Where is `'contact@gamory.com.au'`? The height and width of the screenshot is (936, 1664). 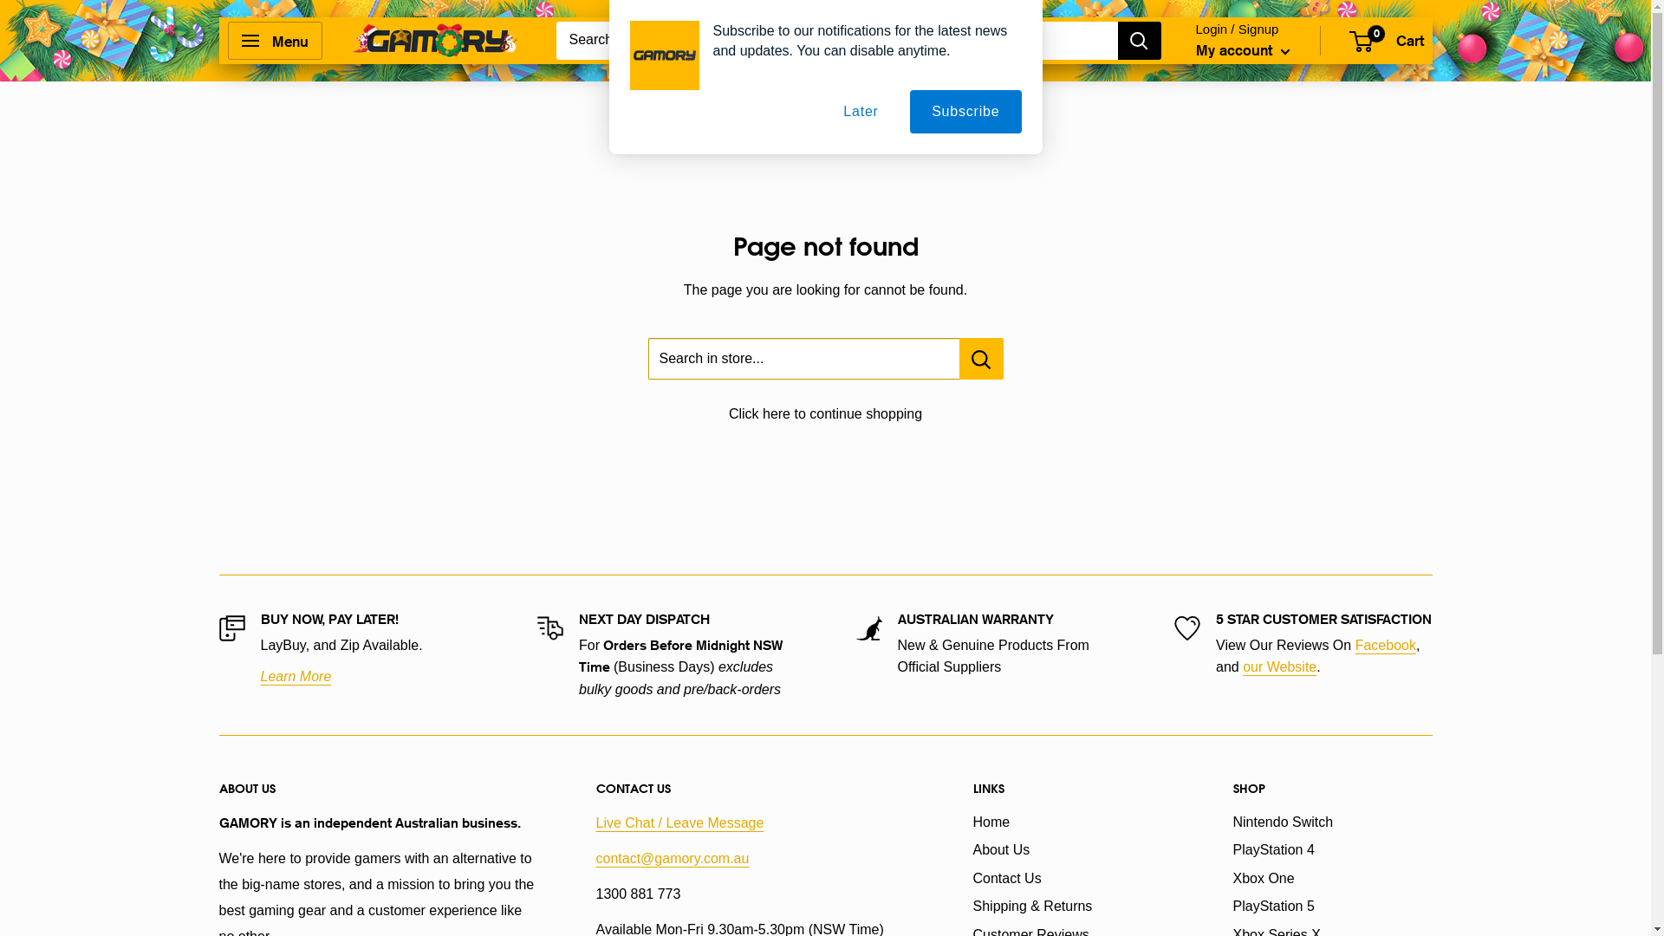 'contact@gamory.com.au' is located at coordinates (672, 858).